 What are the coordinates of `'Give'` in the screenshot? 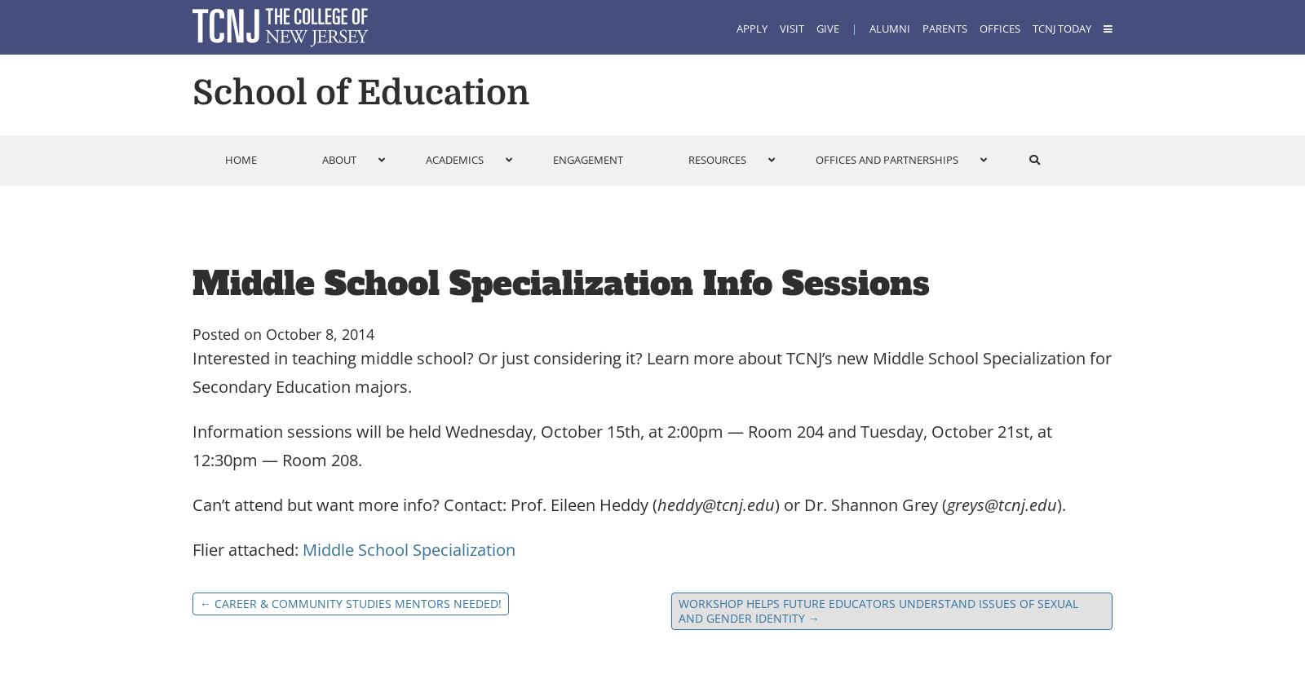 It's located at (815, 29).